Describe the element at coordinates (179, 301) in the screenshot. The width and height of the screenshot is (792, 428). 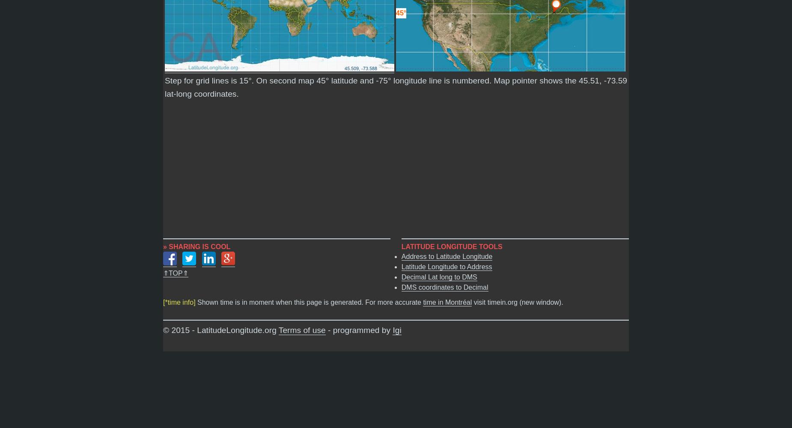
I see `'[*time info]'` at that location.